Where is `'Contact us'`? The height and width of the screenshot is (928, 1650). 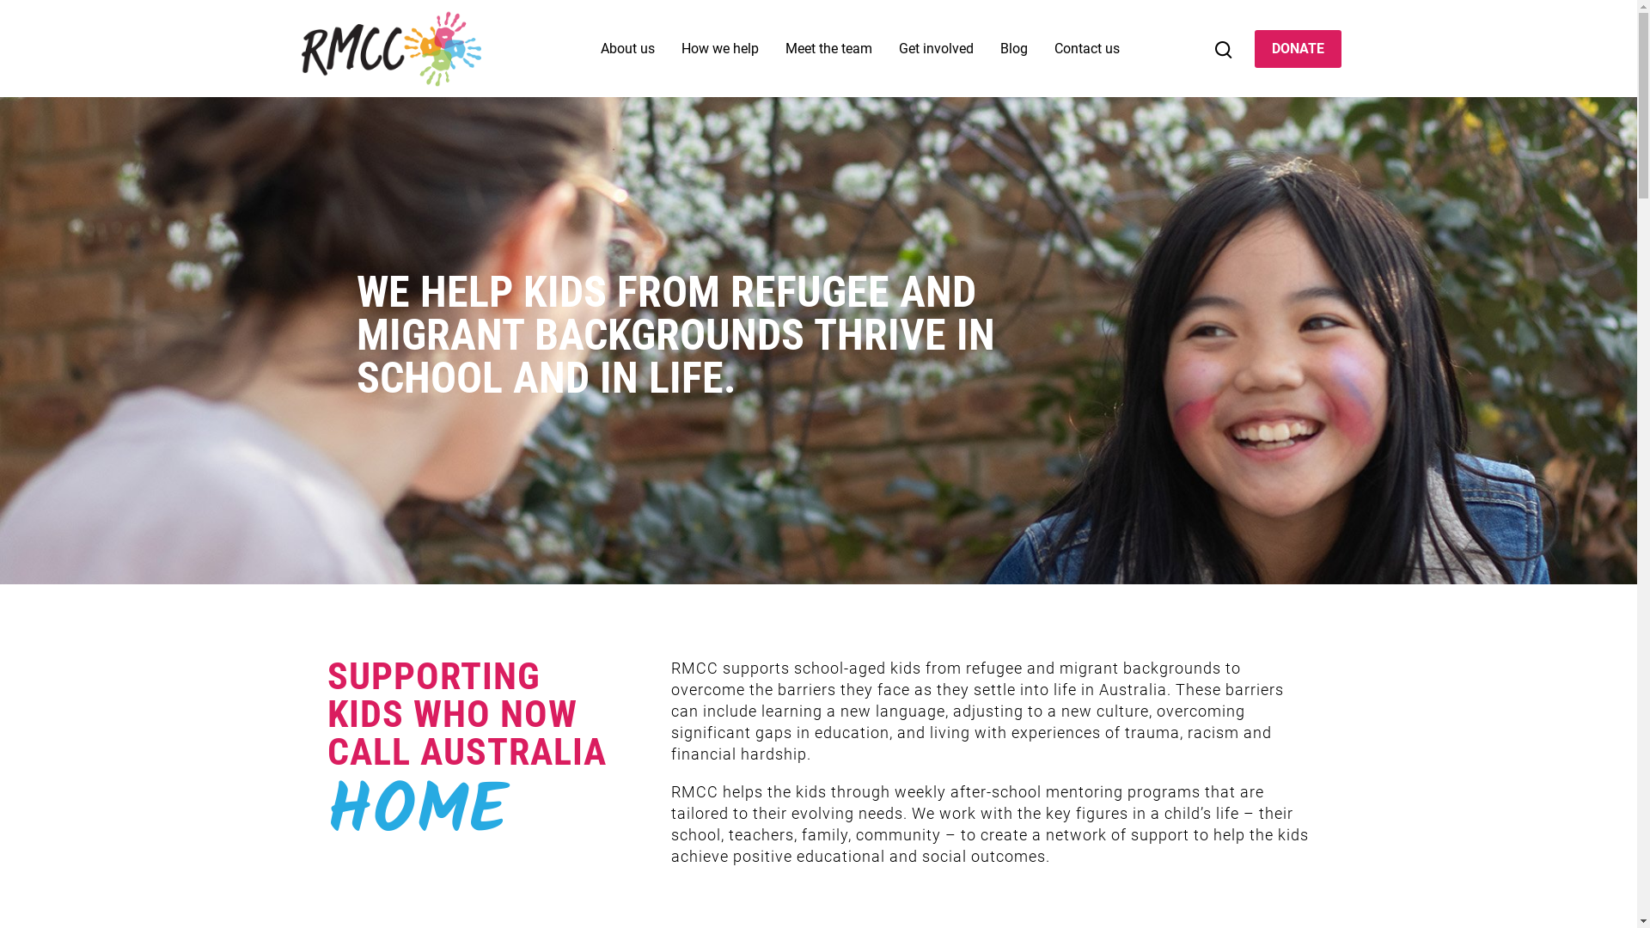
'Contact us' is located at coordinates (1085, 56).